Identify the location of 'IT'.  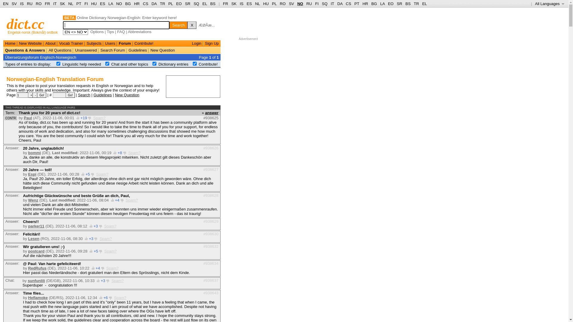
(332, 4).